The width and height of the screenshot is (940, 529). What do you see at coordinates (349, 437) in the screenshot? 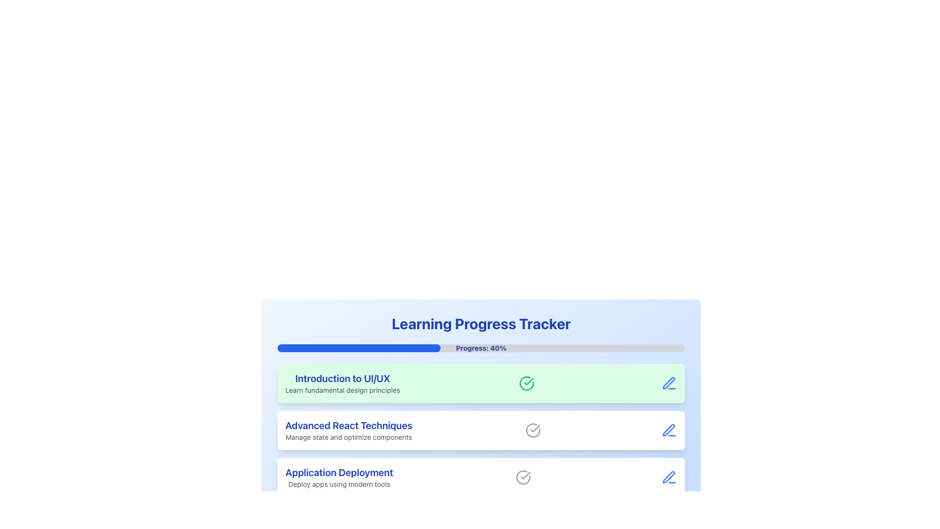
I see `the text label that reads 'Manage state and optimize components', which is styled in a small gray font and located beneath the bold blue title 'Advanced React Techniques'` at bounding box center [349, 437].